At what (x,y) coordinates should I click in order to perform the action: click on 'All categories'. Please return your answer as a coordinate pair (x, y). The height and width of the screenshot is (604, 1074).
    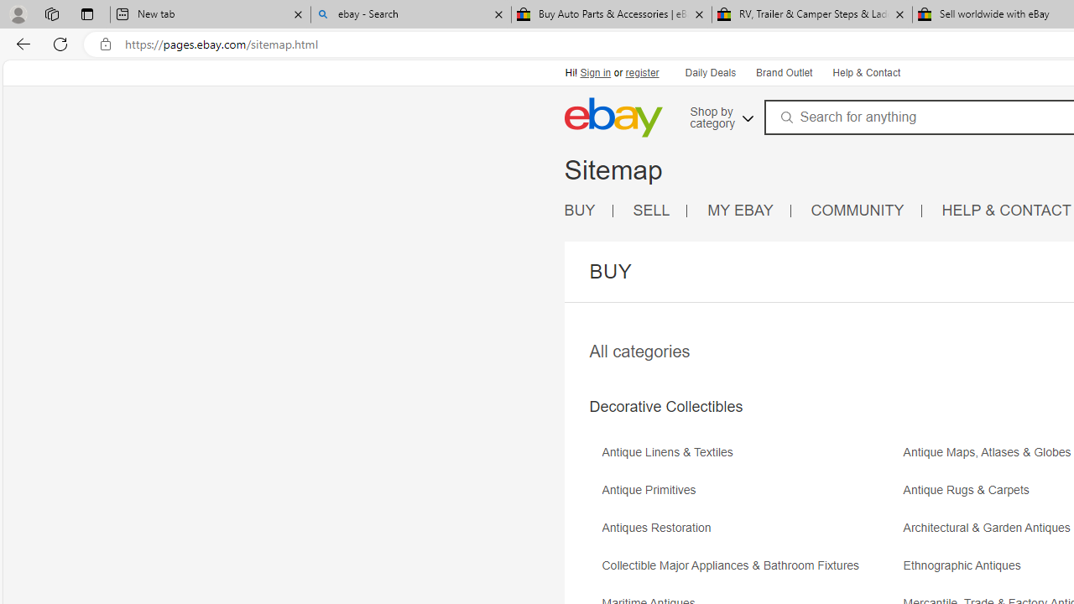
    Looking at the image, I should click on (639, 351).